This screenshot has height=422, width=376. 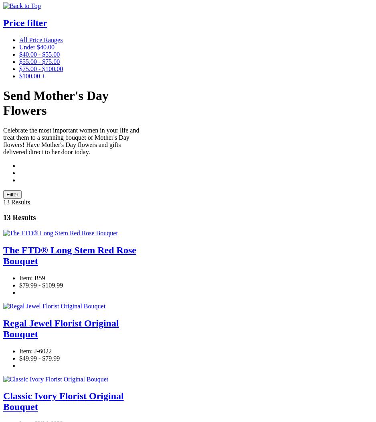 What do you see at coordinates (69, 255) in the screenshot?
I see `'The FTD® Long Stem Red Rose Bouquet'` at bounding box center [69, 255].